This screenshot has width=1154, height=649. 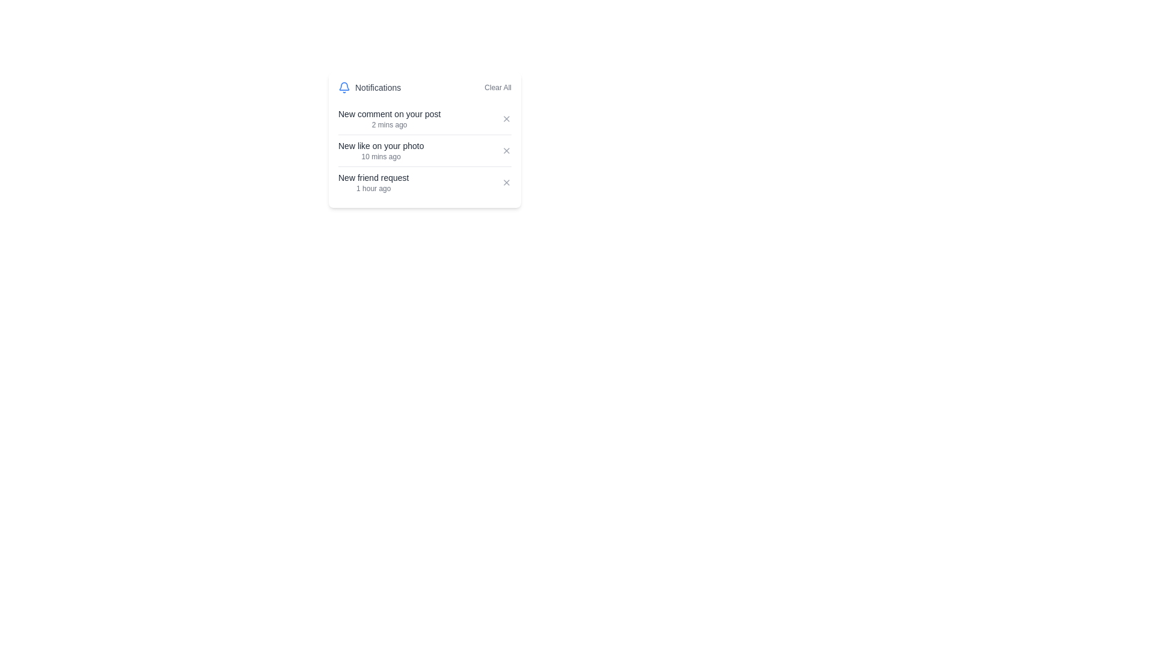 I want to click on the small square button with an 'X' symbol on the right side of the 'New friend request' notification bar, so click(x=507, y=183).